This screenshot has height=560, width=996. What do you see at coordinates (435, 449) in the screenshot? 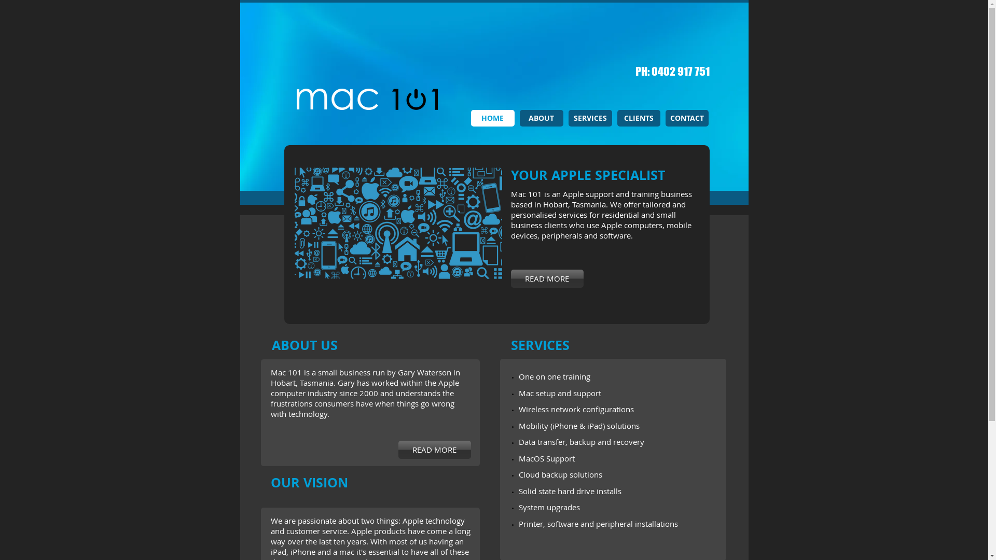
I see `'READ MORE'` at bounding box center [435, 449].